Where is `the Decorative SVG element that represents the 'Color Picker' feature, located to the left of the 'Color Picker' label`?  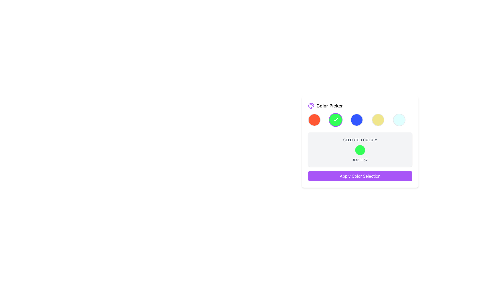 the Decorative SVG element that represents the 'Color Picker' feature, located to the left of the 'Color Picker' label is located at coordinates (311, 106).